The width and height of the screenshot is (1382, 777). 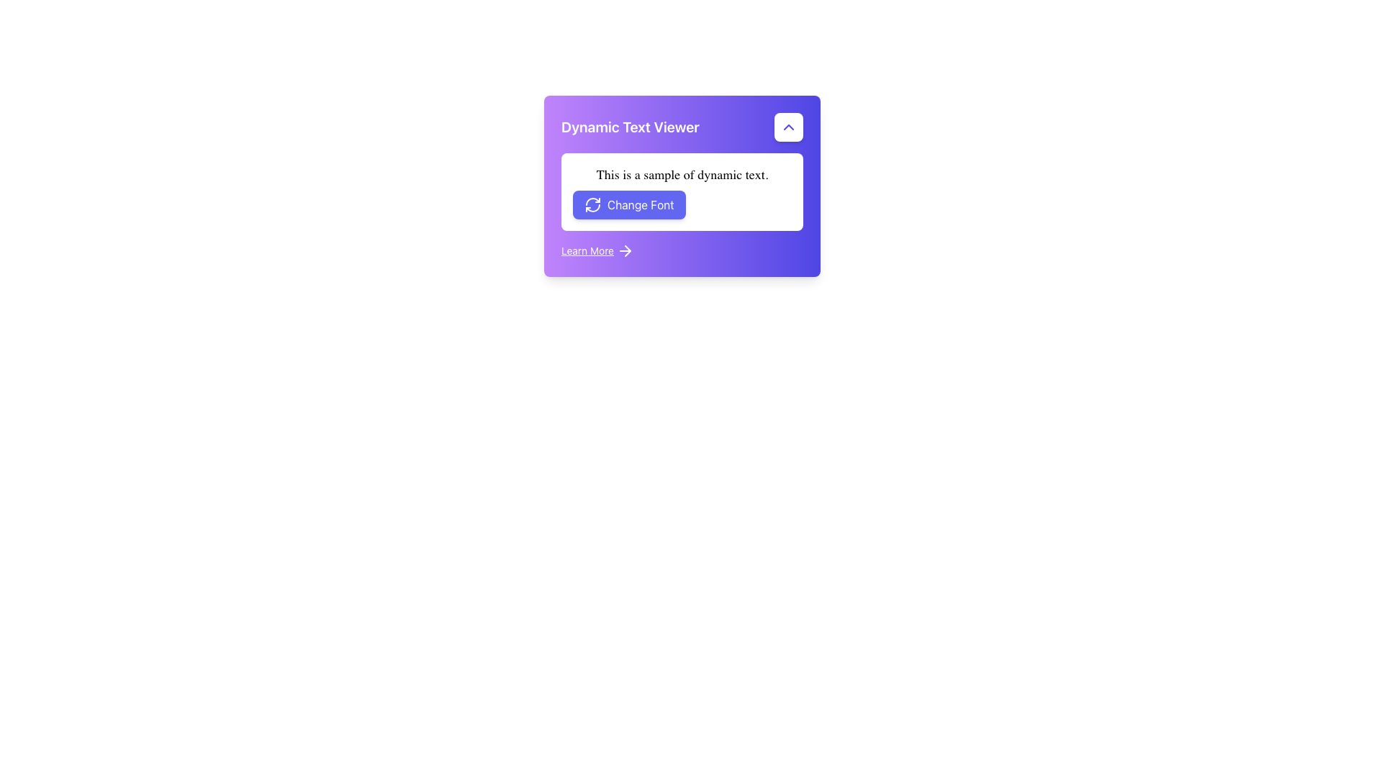 I want to click on the right arrow icon located immediately to the right of the 'Learn More' text in the bottom-left purple card interface to trigger a tooltip, so click(x=625, y=250).